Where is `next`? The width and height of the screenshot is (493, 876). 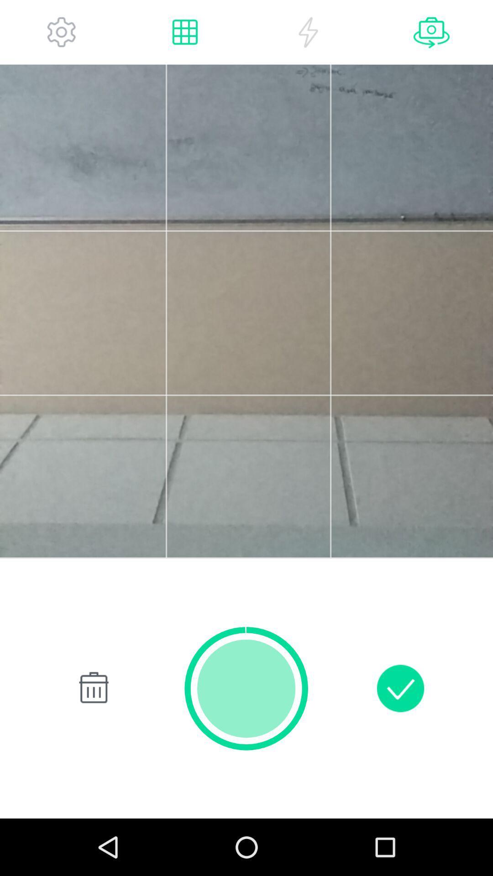
next is located at coordinates (431, 32).